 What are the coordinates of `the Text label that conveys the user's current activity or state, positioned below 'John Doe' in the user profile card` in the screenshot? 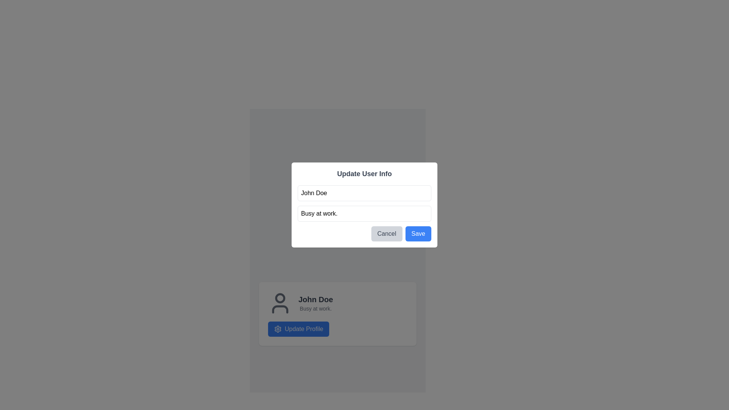 It's located at (316, 309).